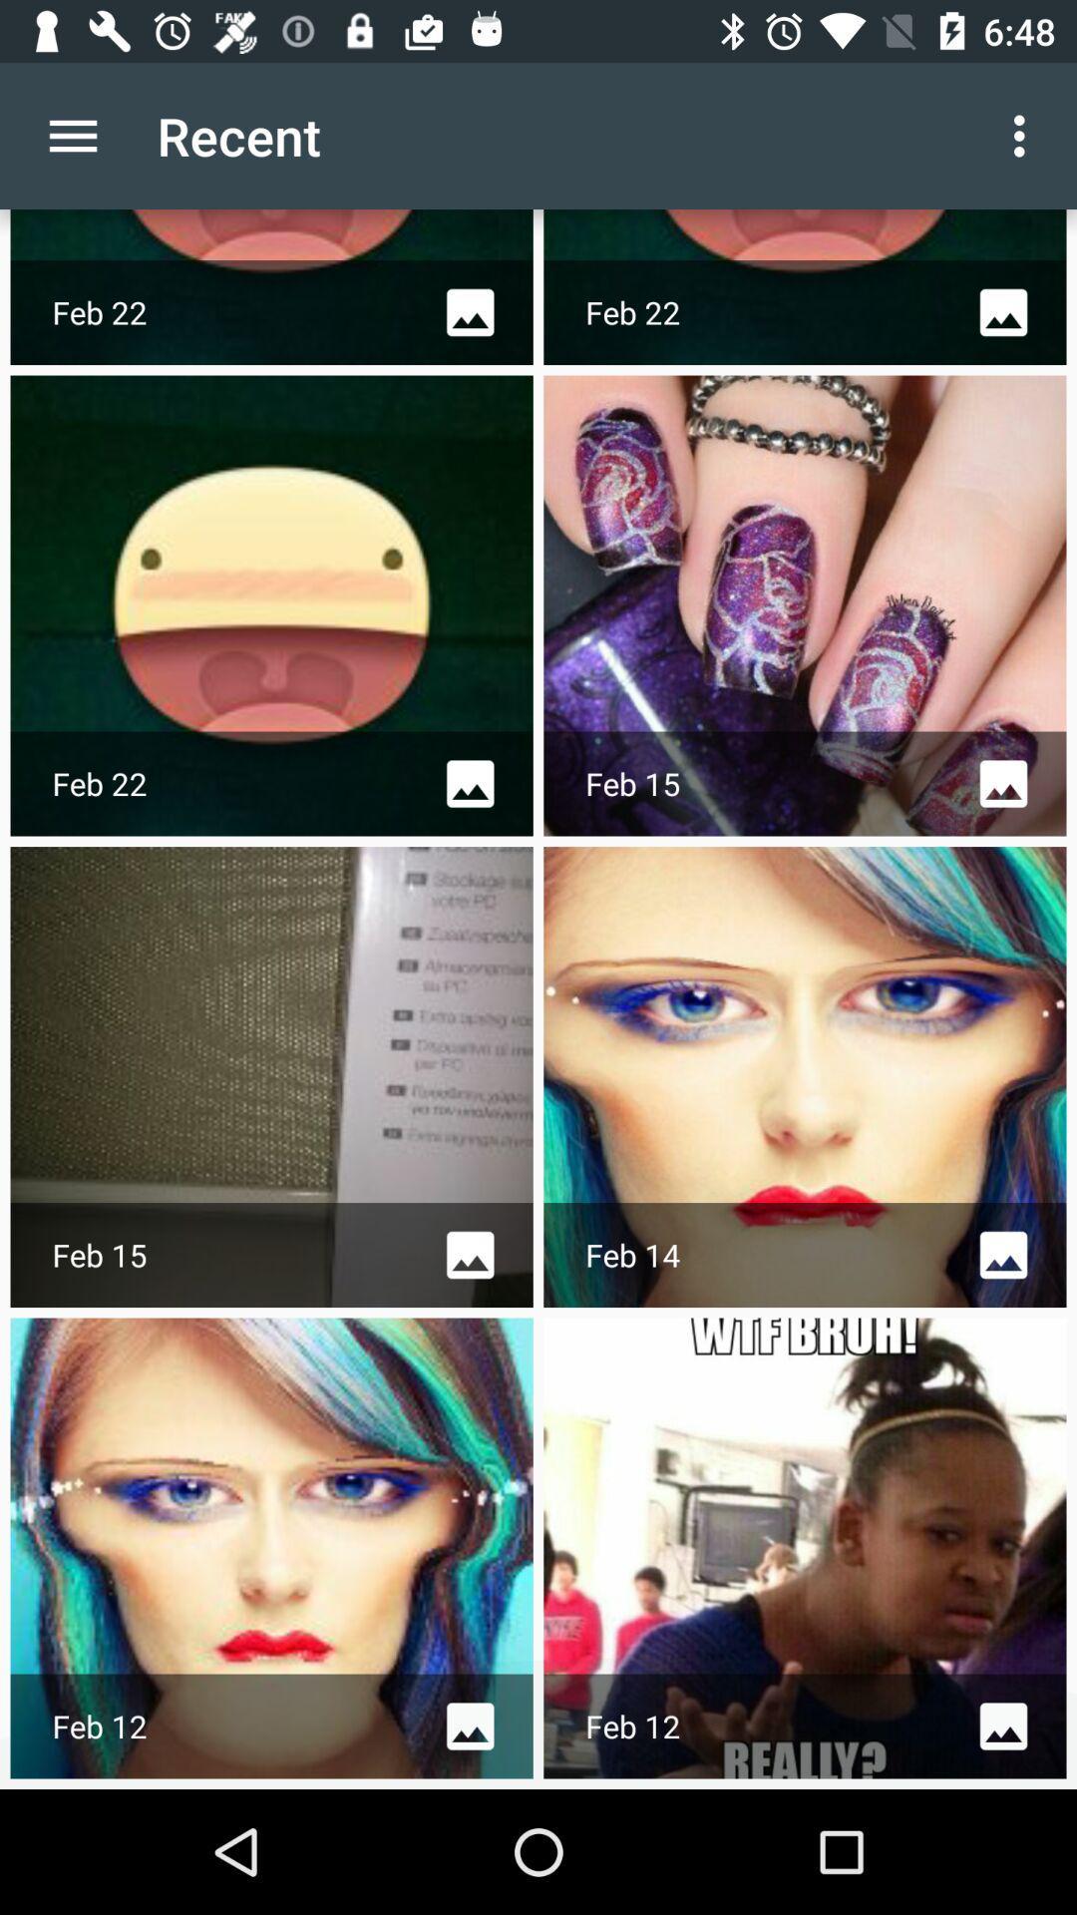 The width and height of the screenshot is (1077, 1915). Describe the element at coordinates (72, 135) in the screenshot. I see `item to the left of the recent item` at that location.